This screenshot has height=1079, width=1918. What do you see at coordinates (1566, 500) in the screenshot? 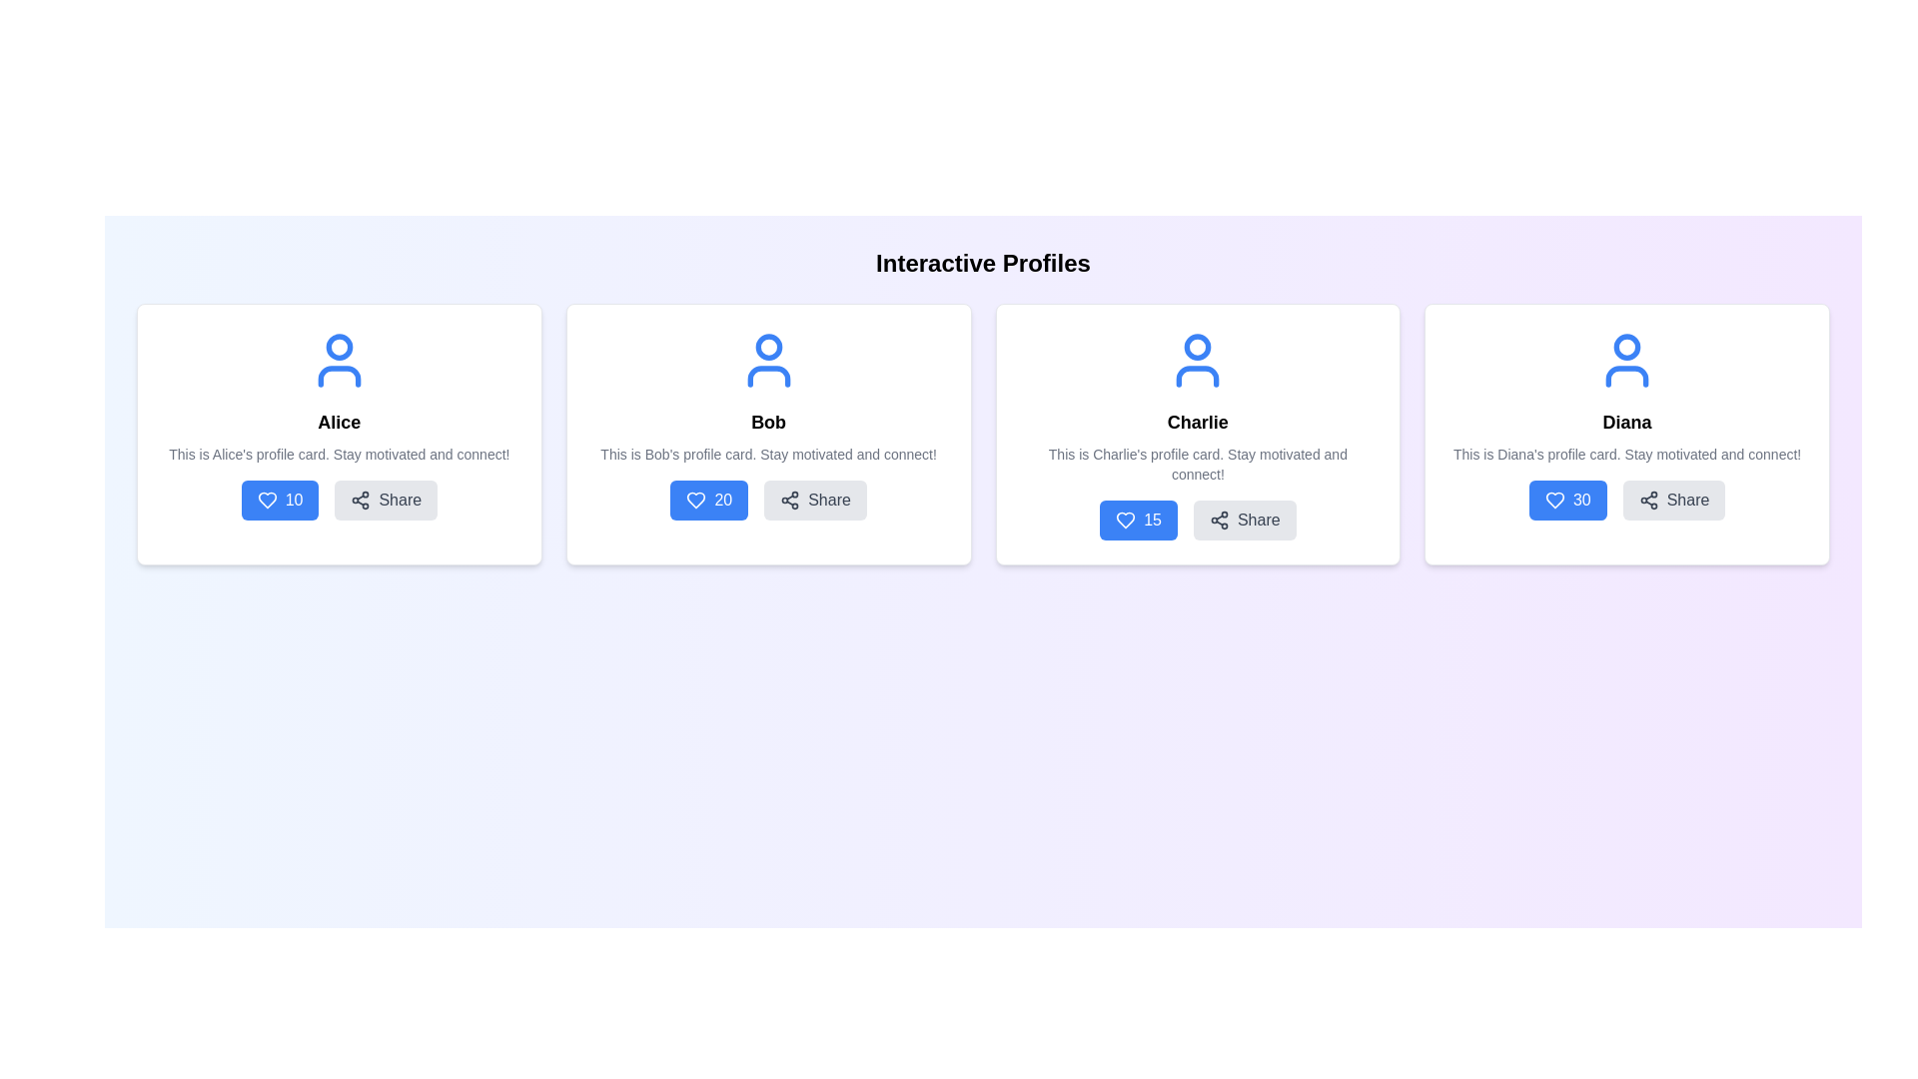
I see `the blue rectangular button with a white heart symbol and '30' text to increment the like count` at bounding box center [1566, 500].